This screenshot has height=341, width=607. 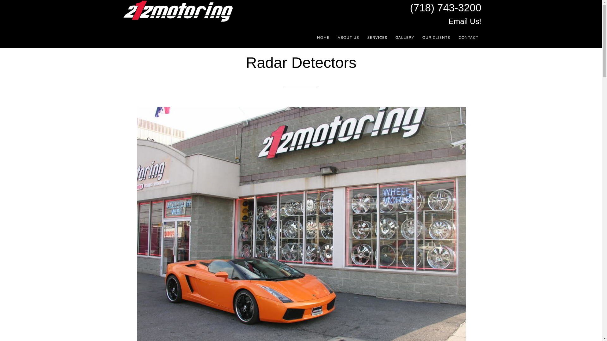 What do you see at coordinates (177, 11) in the screenshot?
I see `'212 MOTORING'` at bounding box center [177, 11].